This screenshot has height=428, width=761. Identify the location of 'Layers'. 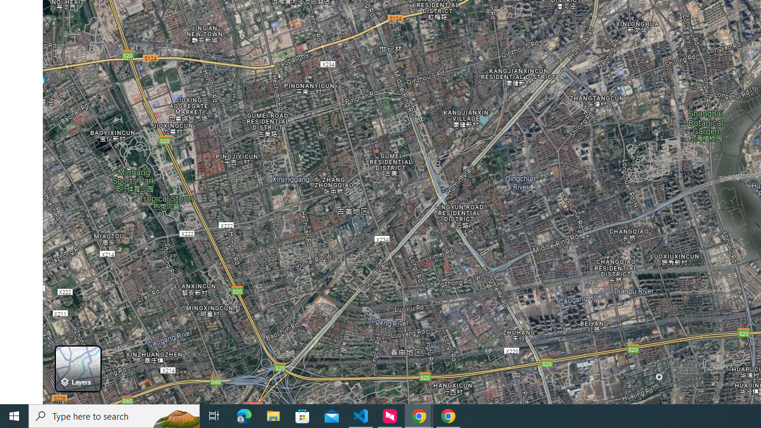
(77, 368).